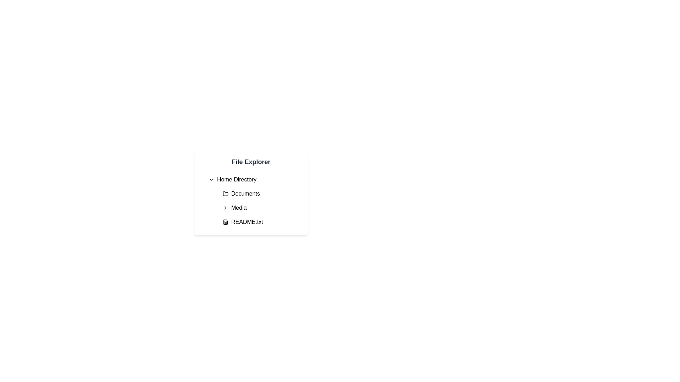 The image size is (680, 382). Describe the element at coordinates (239, 207) in the screenshot. I see `the 'Media' text label in the file explorer` at that location.